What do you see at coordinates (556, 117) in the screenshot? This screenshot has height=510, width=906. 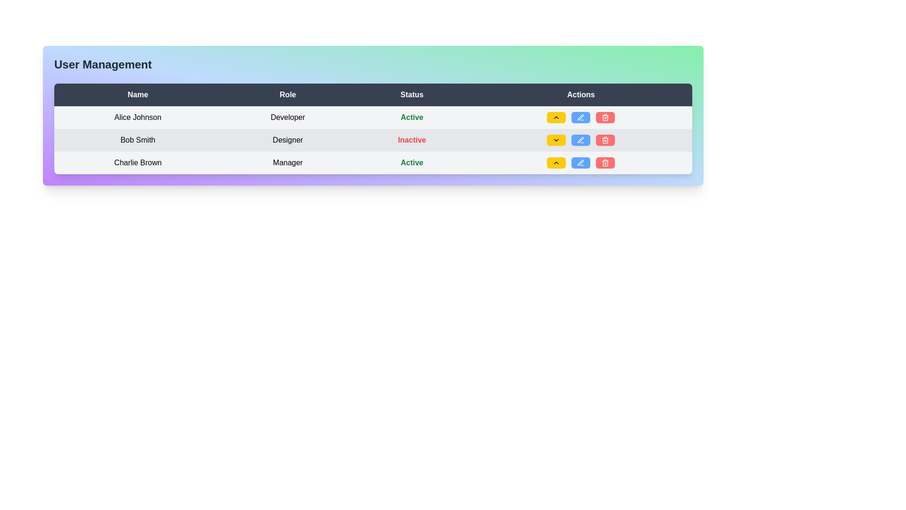 I see `the yellow button with black text and a chevron-up symbol located in the first row of the 'Actions' column to initiate the upward action` at bounding box center [556, 117].